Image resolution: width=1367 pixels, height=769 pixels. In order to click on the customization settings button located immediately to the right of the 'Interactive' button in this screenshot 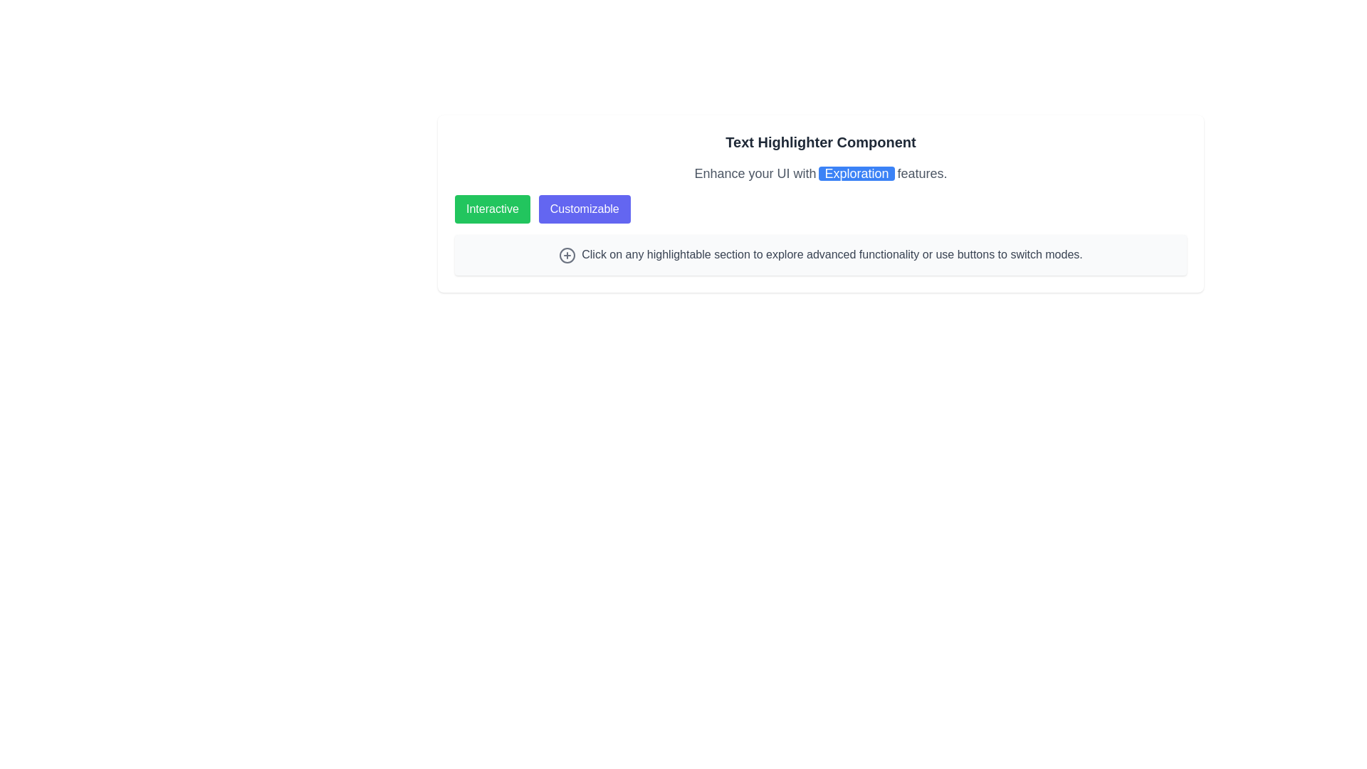, I will do `click(585, 209)`.